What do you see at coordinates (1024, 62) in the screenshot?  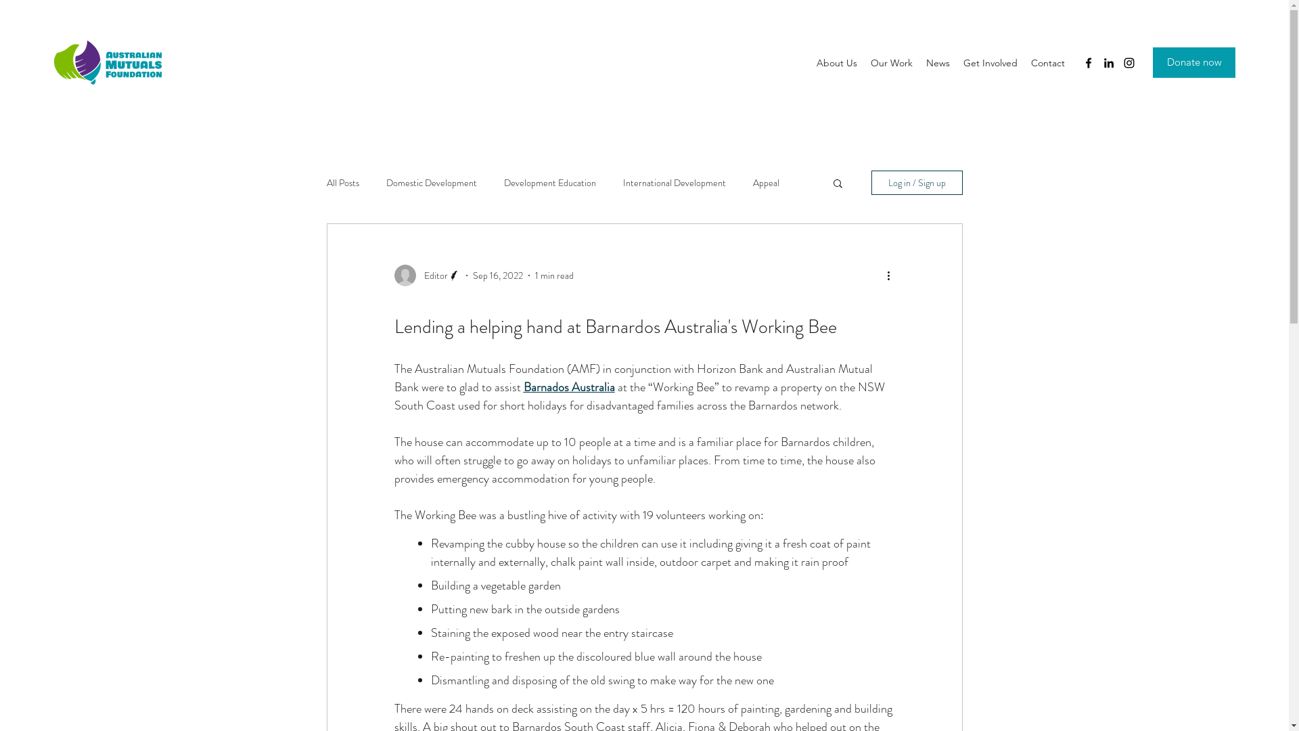 I see `'Contact'` at bounding box center [1024, 62].